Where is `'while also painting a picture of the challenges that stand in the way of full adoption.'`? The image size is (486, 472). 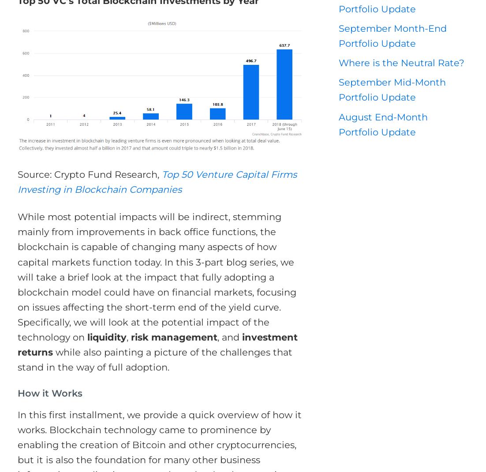 'while also painting a picture of the challenges that stand in the way of full adoption.' is located at coordinates (154, 360).